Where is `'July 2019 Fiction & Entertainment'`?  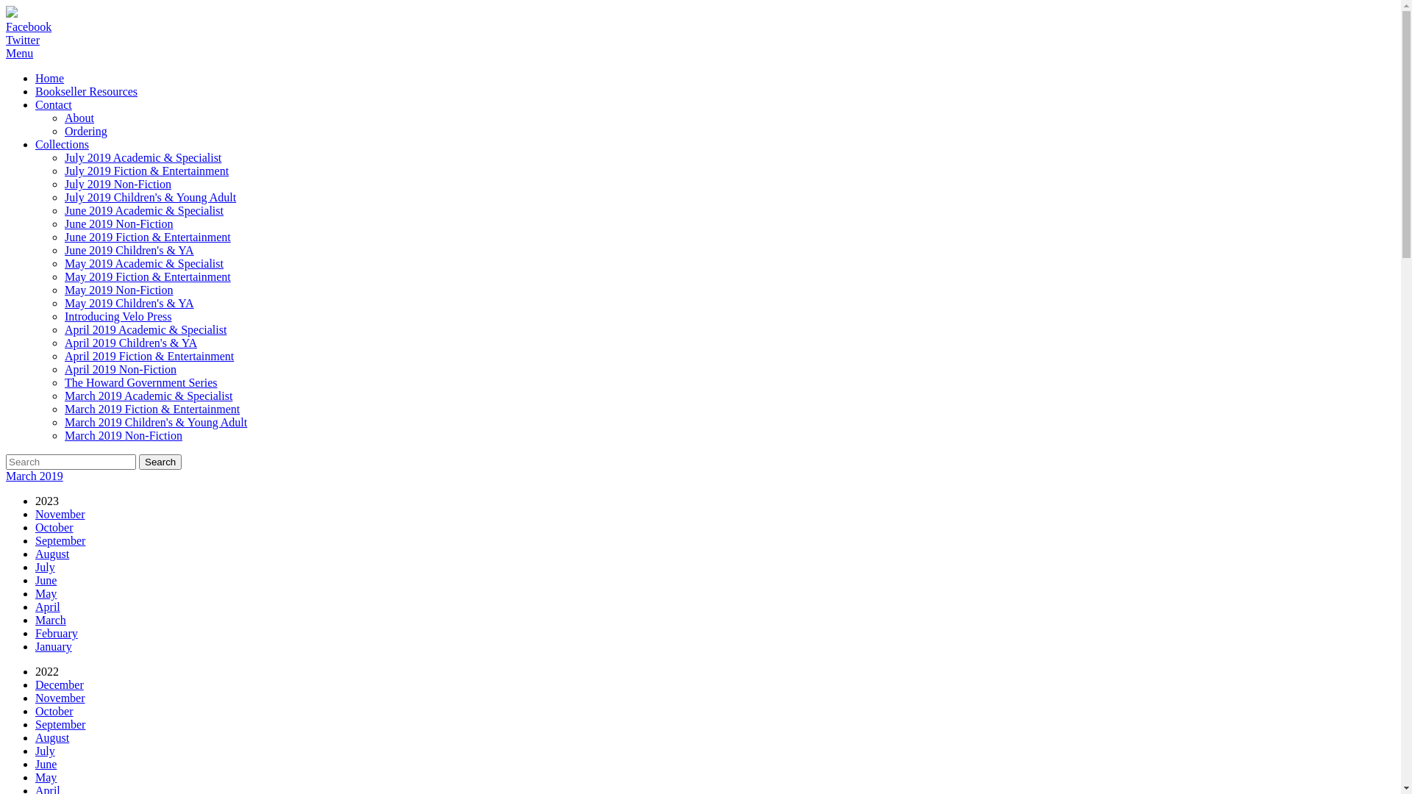
'July 2019 Fiction & Entertainment' is located at coordinates (146, 170).